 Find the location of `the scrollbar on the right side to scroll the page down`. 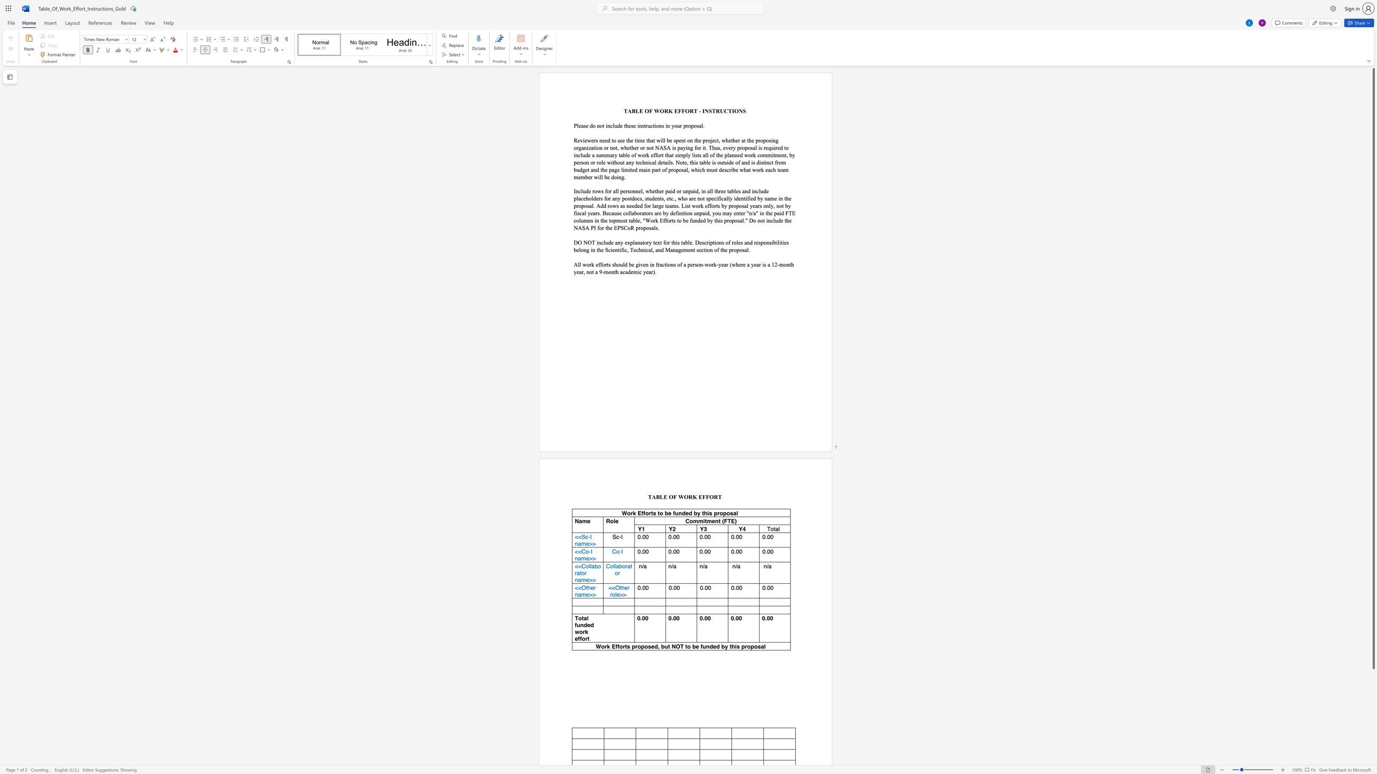

the scrollbar on the right side to scroll the page down is located at coordinates (1373, 745).